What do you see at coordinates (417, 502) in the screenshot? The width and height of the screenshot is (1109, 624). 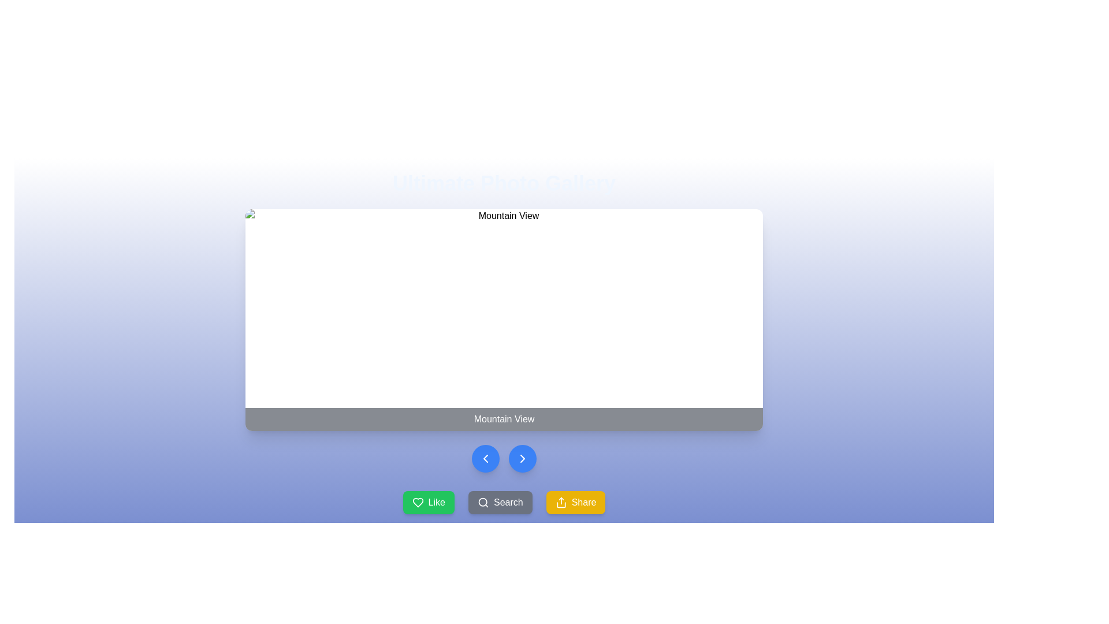 I see `the heart-shaped 'Like' icon located on the left side of the button row, preceding the grey 'Search' button and the yellow 'Share' button` at bounding box center [417, 502].